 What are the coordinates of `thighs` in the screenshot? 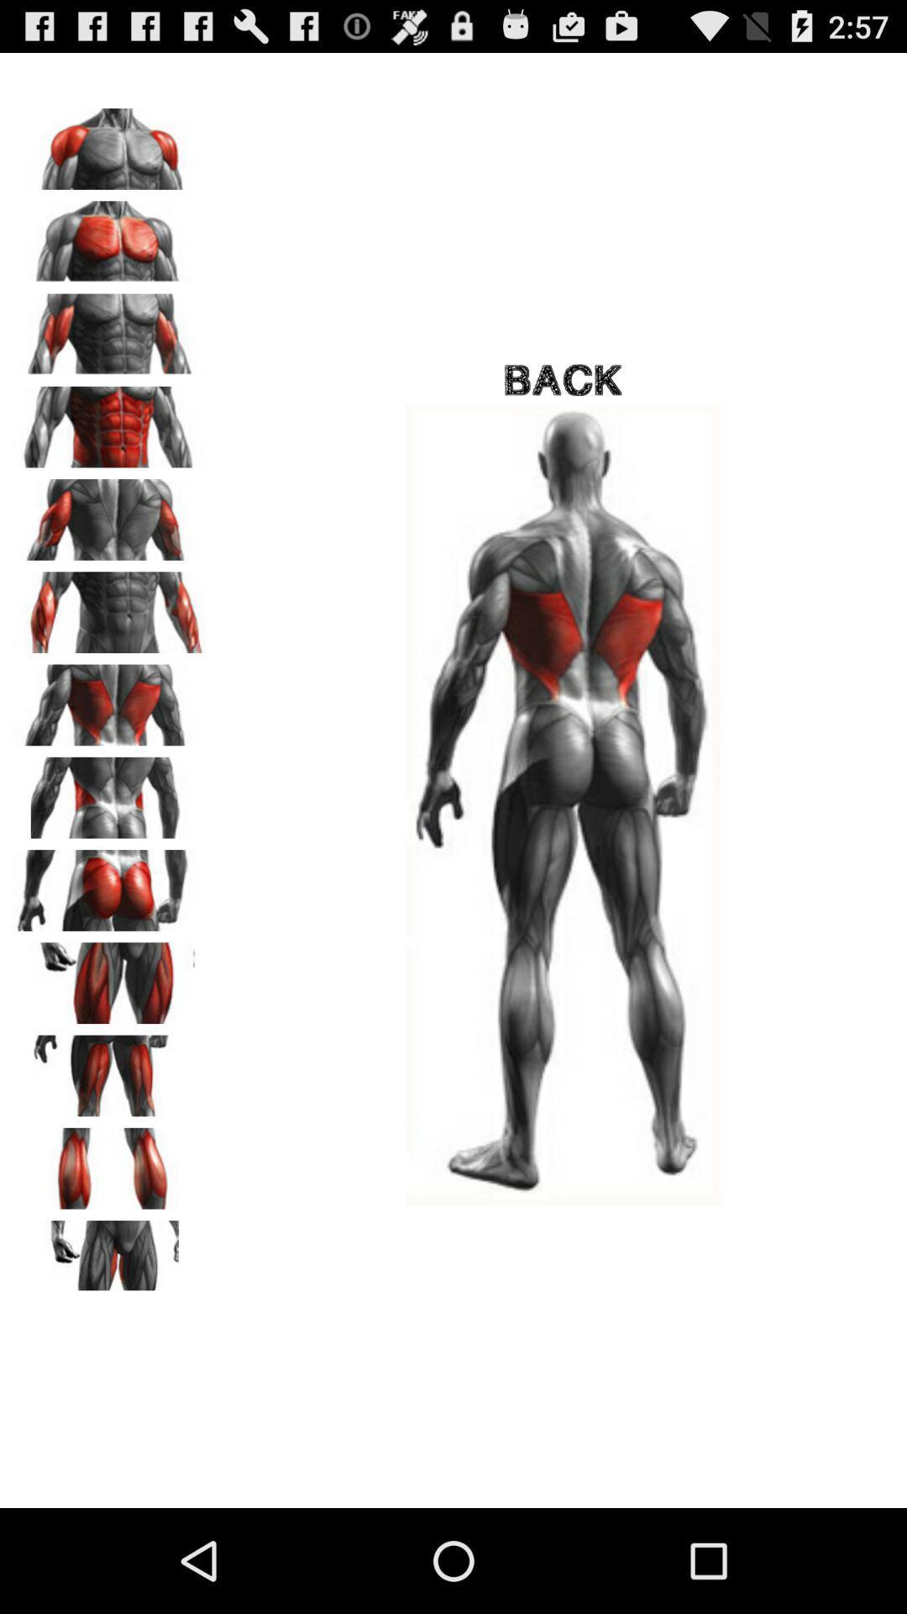 It's located at (110, 1162).